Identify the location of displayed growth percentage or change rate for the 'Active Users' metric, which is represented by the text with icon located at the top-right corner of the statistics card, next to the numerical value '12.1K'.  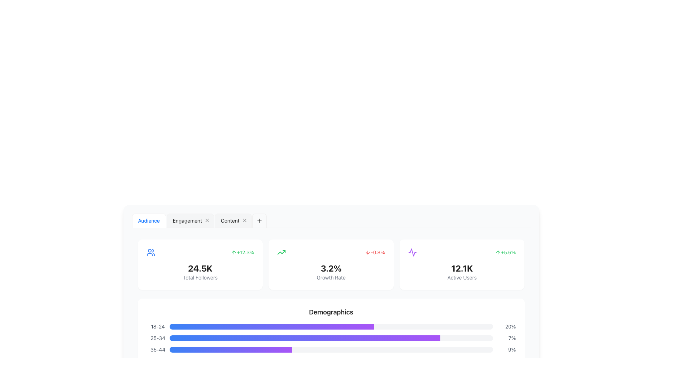
(505, 252).